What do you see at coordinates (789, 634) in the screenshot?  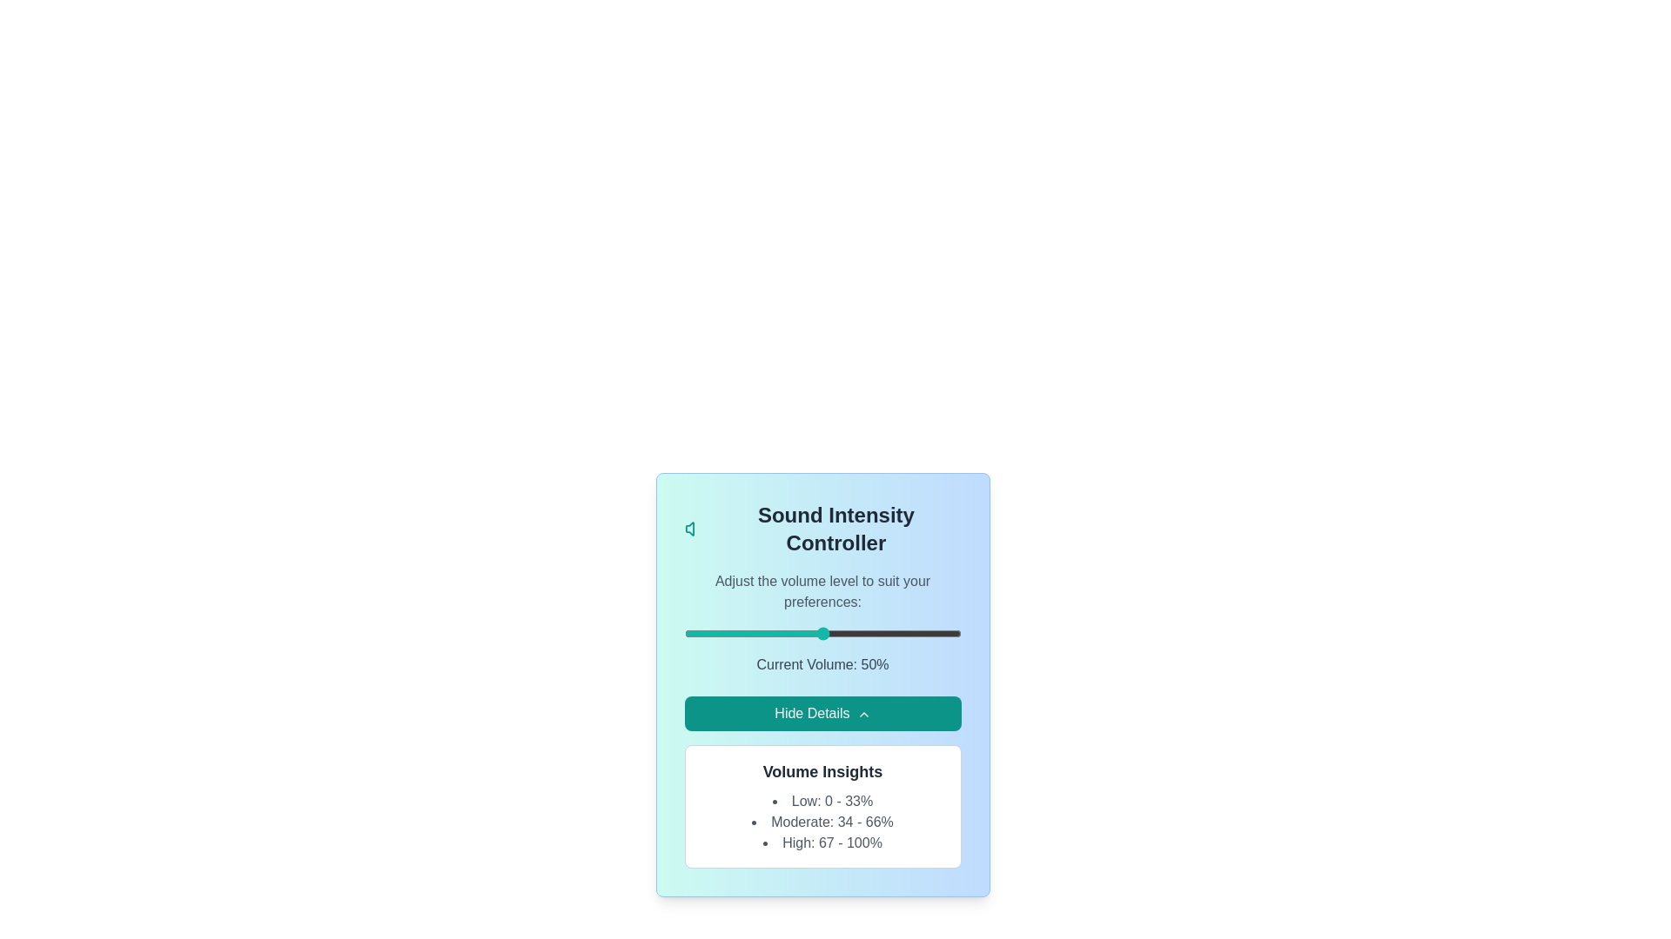 I see `the volume slider to set the audio intensity to 38%` at bounding box center [789, 634].